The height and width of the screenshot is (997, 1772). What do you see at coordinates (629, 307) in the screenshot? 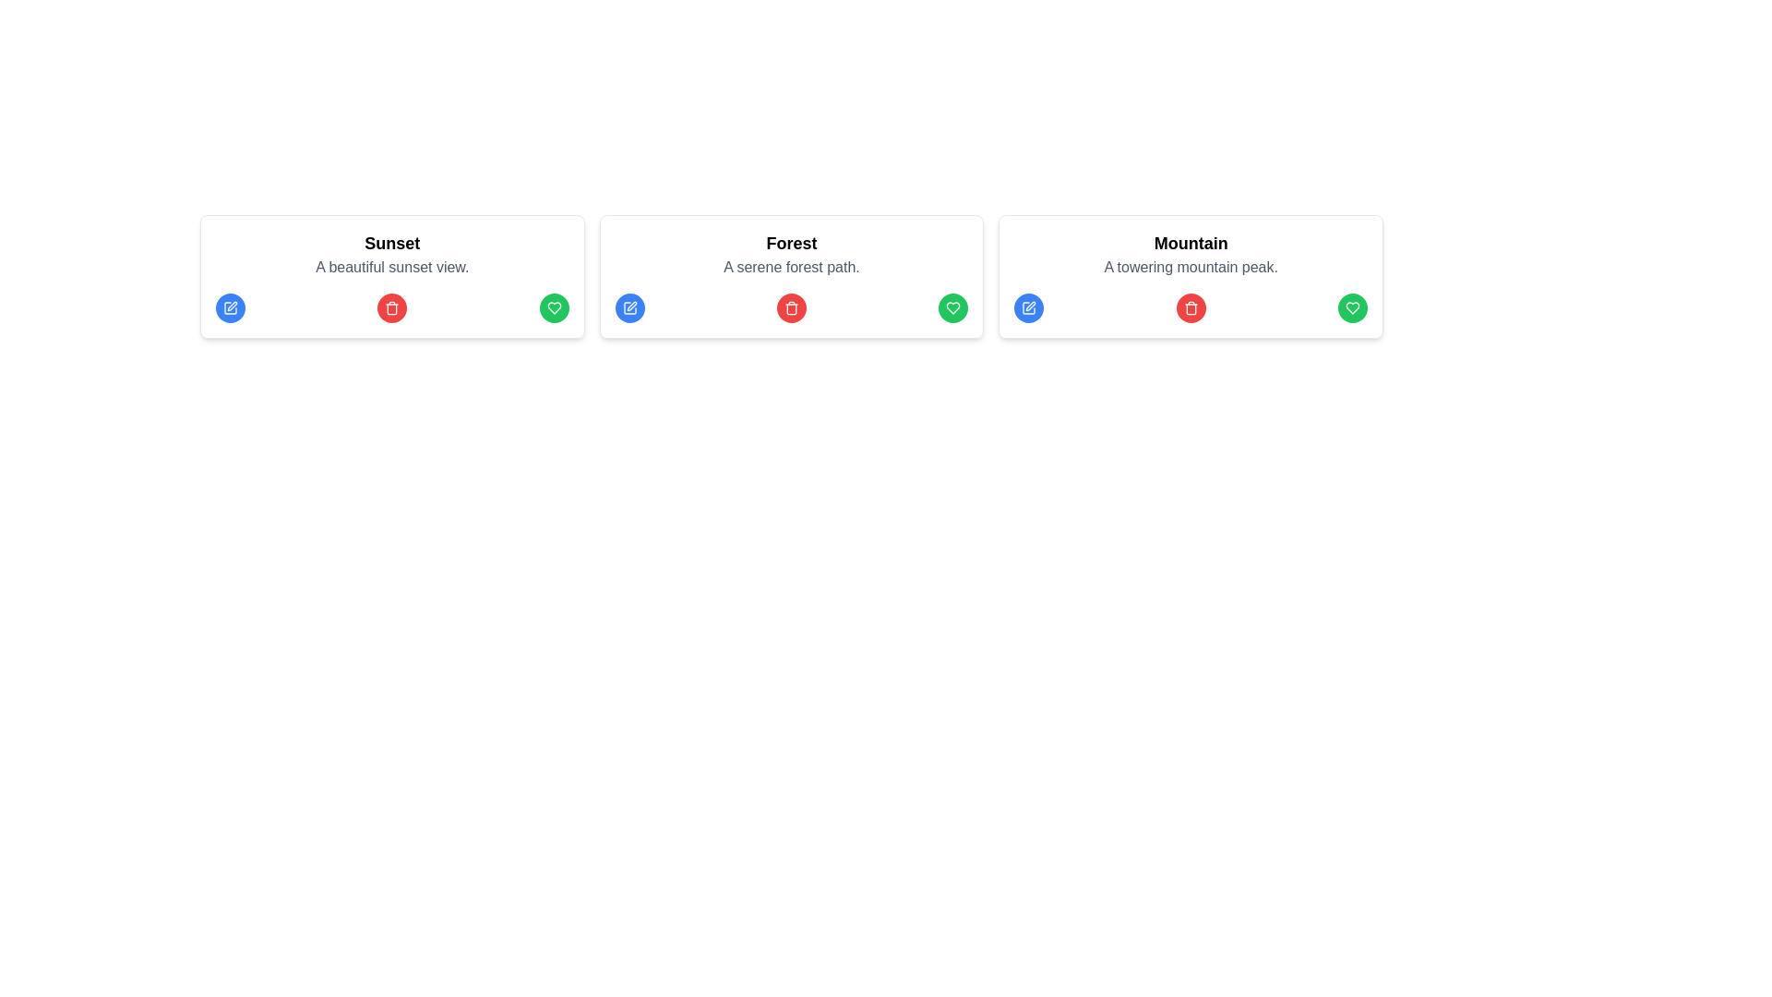
I see `the edit icon button resembling a pen within a blue circular button, located to the left of the 'Forest' card` at bounding box center [629, 307].